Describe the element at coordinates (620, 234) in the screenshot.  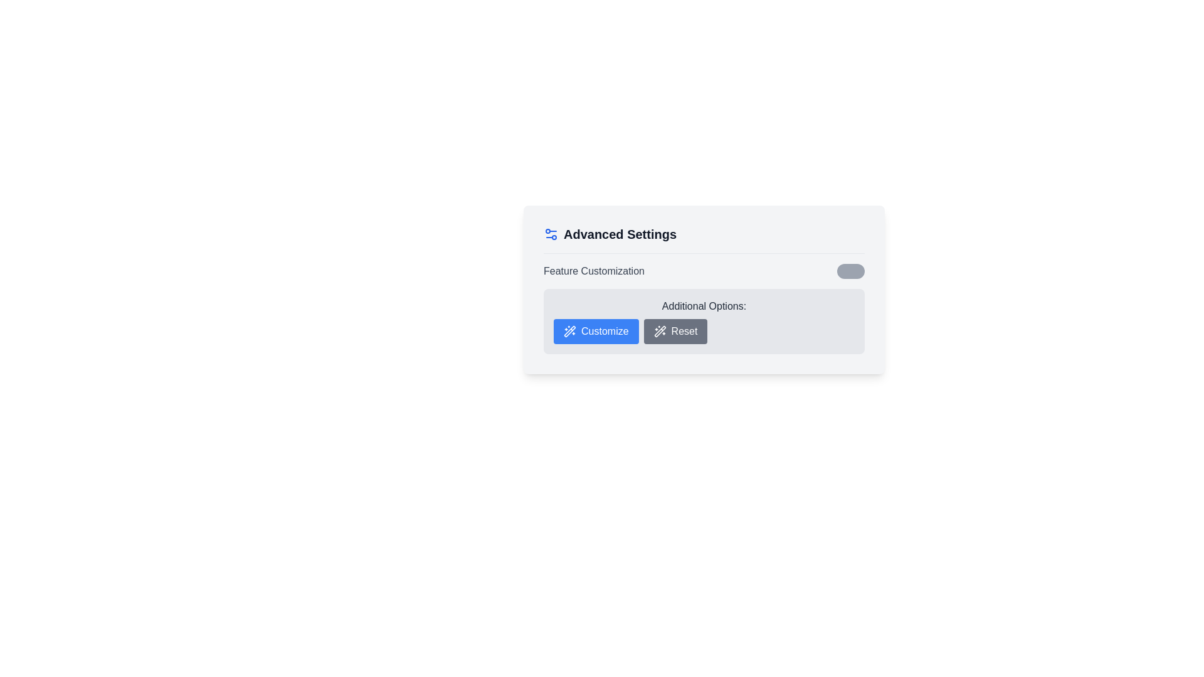
I see `the Text label that signifies the section for advanced settings options, located above other interface elements like a toggle switch and buttons, and to the right of the settings gear icon` at that location.